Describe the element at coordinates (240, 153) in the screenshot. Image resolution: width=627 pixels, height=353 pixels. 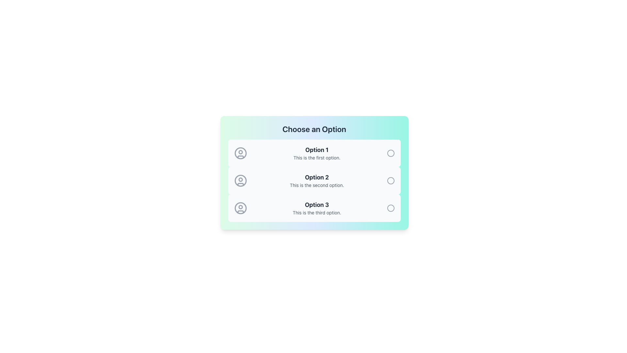
I see `the filled circle graphic component located next to the text 'Option 1' to provide option selection feedback` at that location.